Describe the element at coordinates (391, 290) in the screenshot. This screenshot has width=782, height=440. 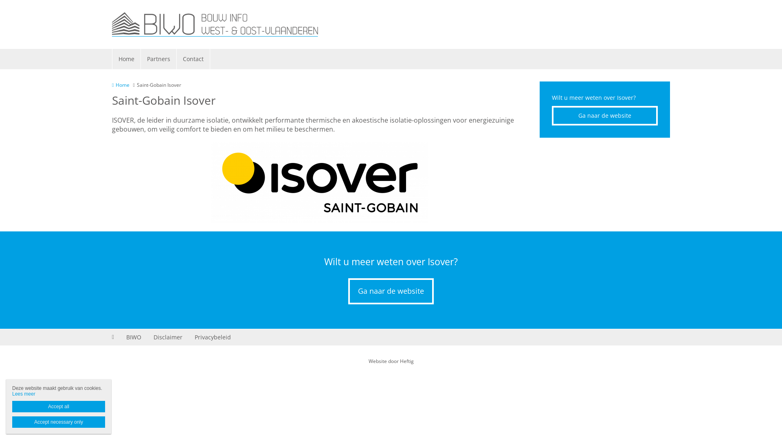
I see `'Ga naar de website'` at that location.